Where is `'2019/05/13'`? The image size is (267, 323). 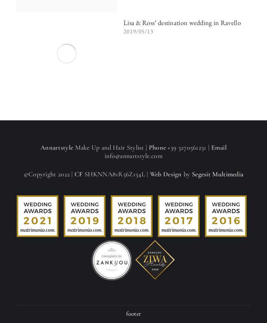 '2019/05/13' is located at coordinates (138, 31).